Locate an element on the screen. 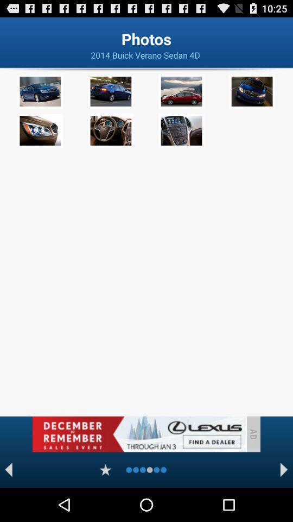  advertisement is located at coordinates (139, 434).